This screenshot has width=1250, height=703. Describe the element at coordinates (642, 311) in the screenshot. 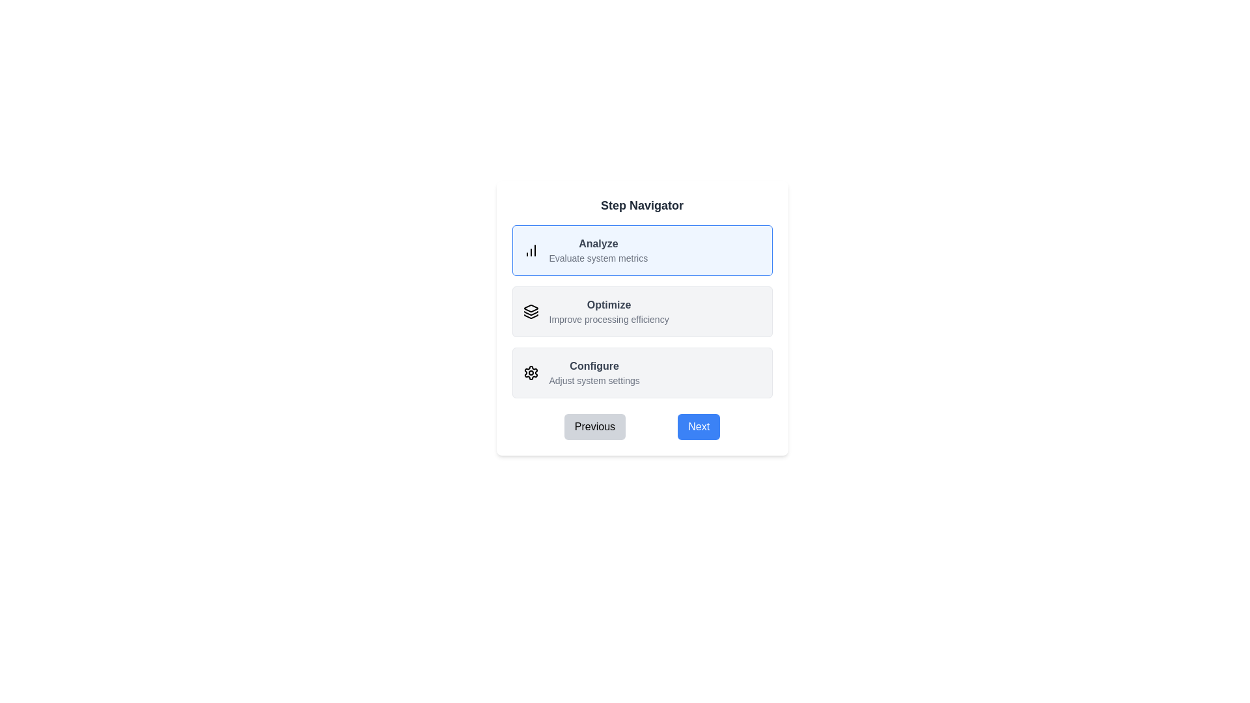

I see `the interactive list item titled 'Optimize' with a subtitle 'Improve processing efficiency'` at that location.